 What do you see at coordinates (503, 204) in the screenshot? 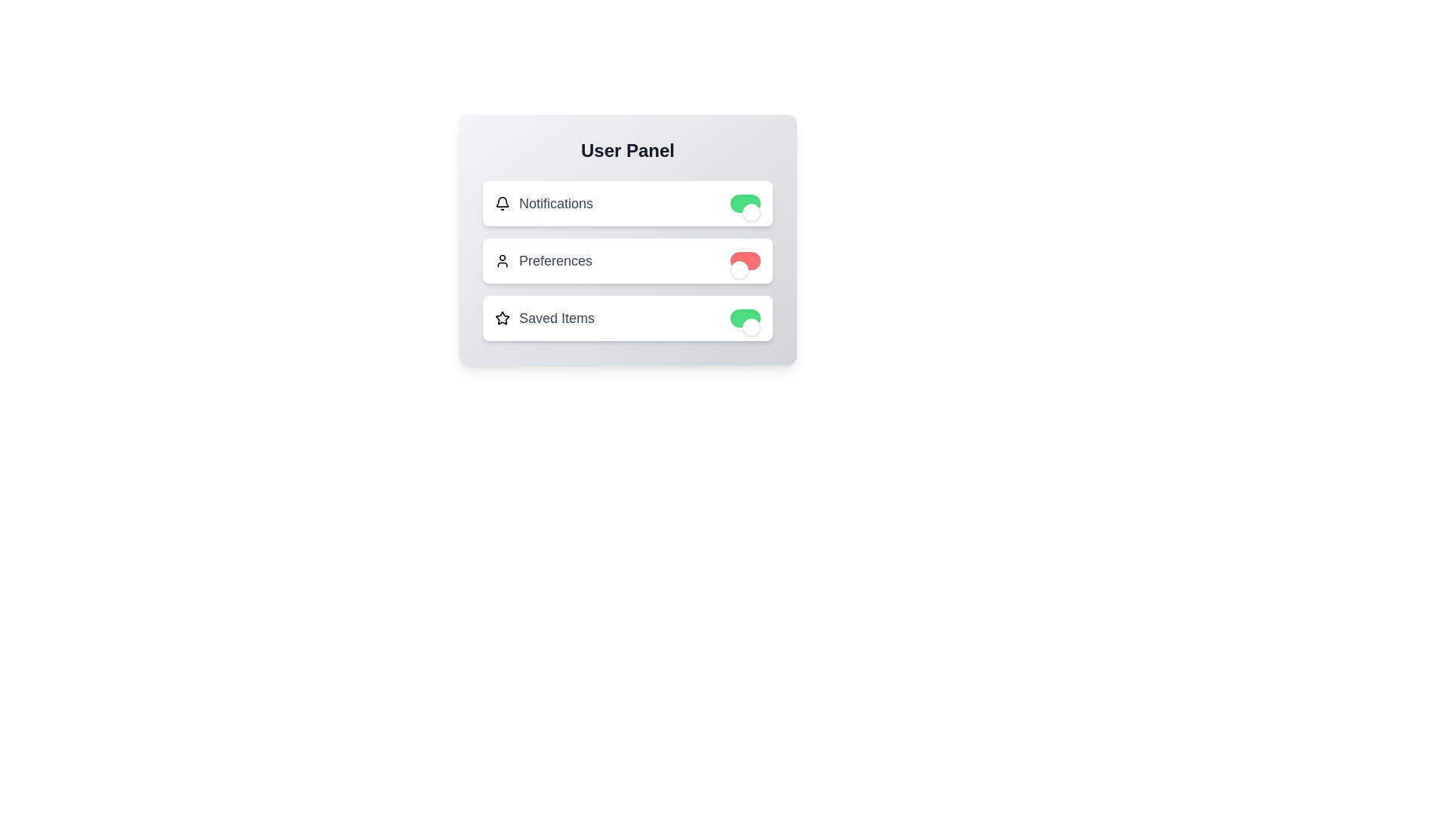
I see `the bell icon next to the 'Notifications' label` at bounding box center [503, 204].